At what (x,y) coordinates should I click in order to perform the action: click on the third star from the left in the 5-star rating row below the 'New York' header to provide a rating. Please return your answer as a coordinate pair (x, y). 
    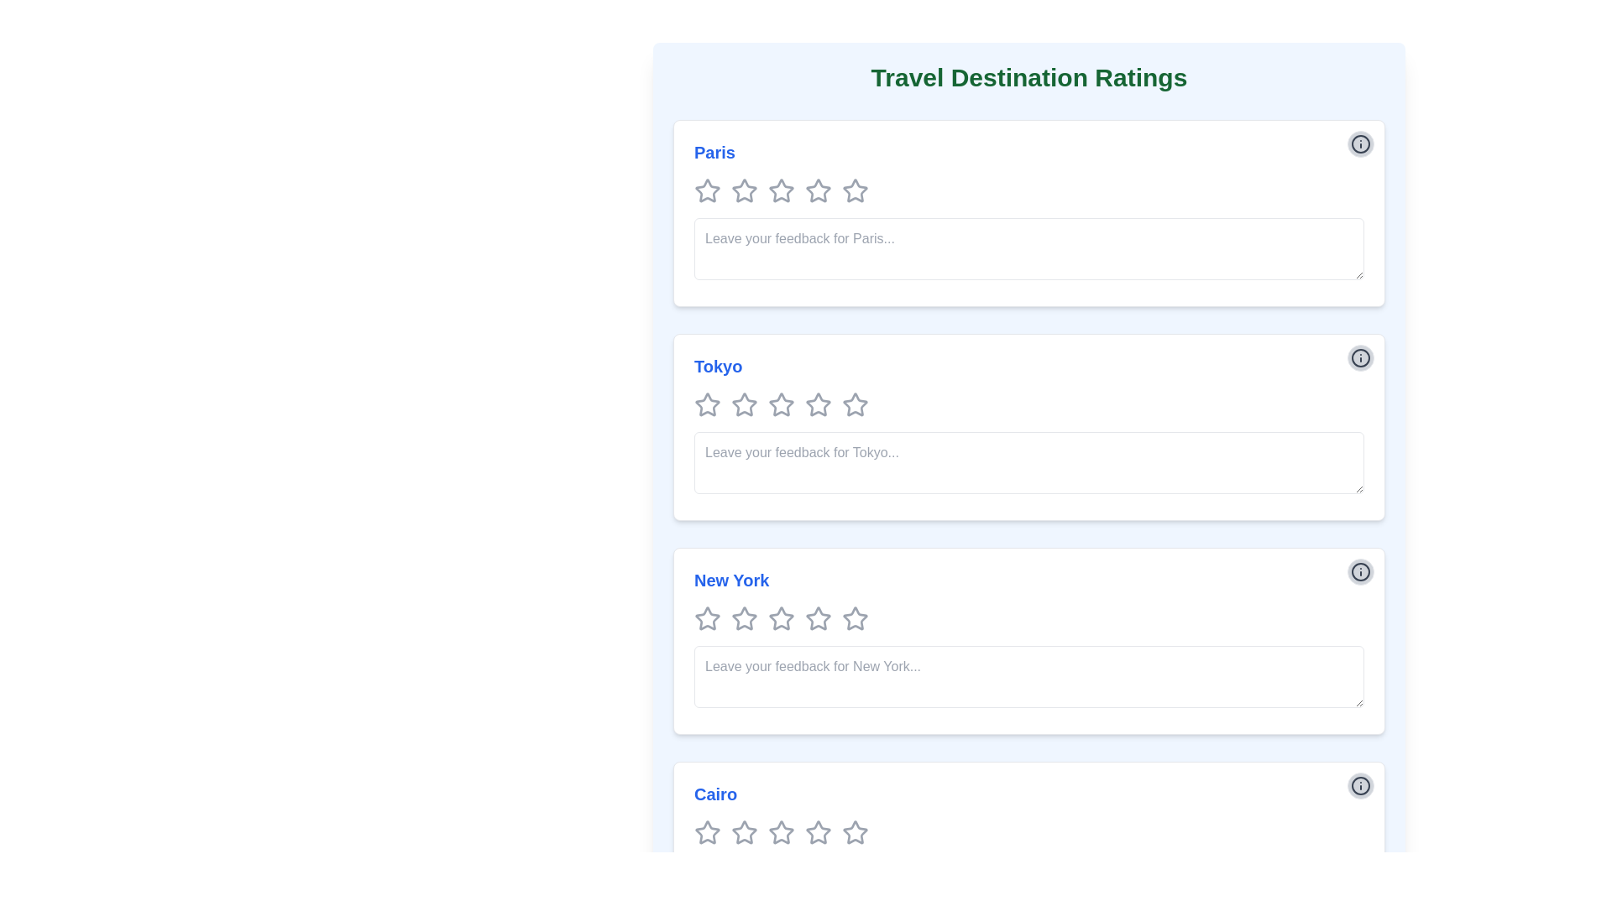
    Looking at the image, I should click on (781, 618).